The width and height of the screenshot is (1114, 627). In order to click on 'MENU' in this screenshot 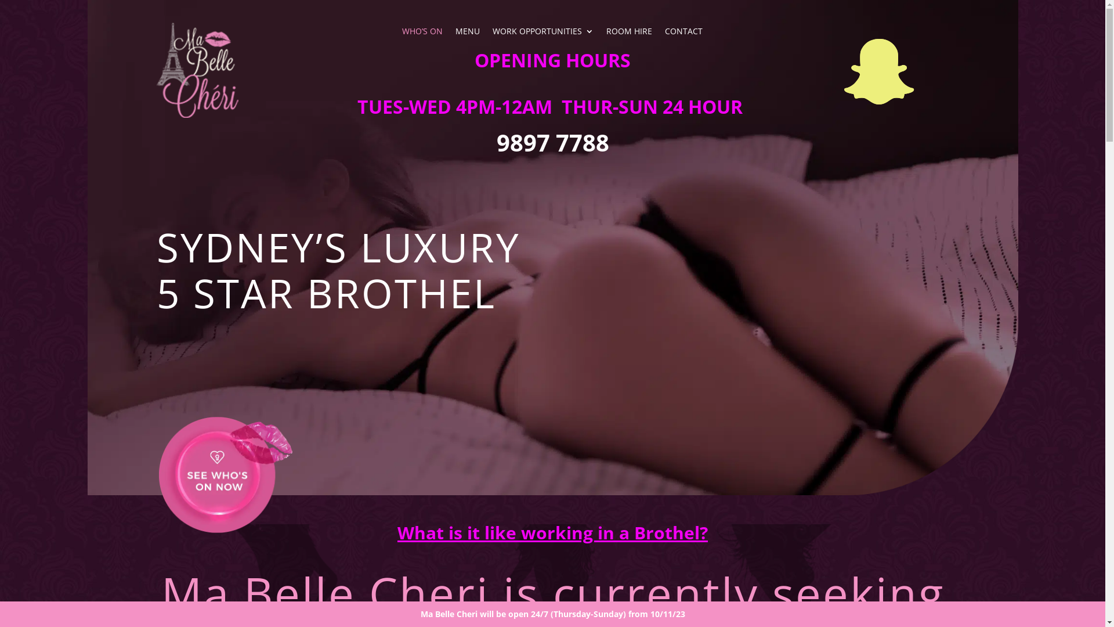, I will do `click(468, 33)`.